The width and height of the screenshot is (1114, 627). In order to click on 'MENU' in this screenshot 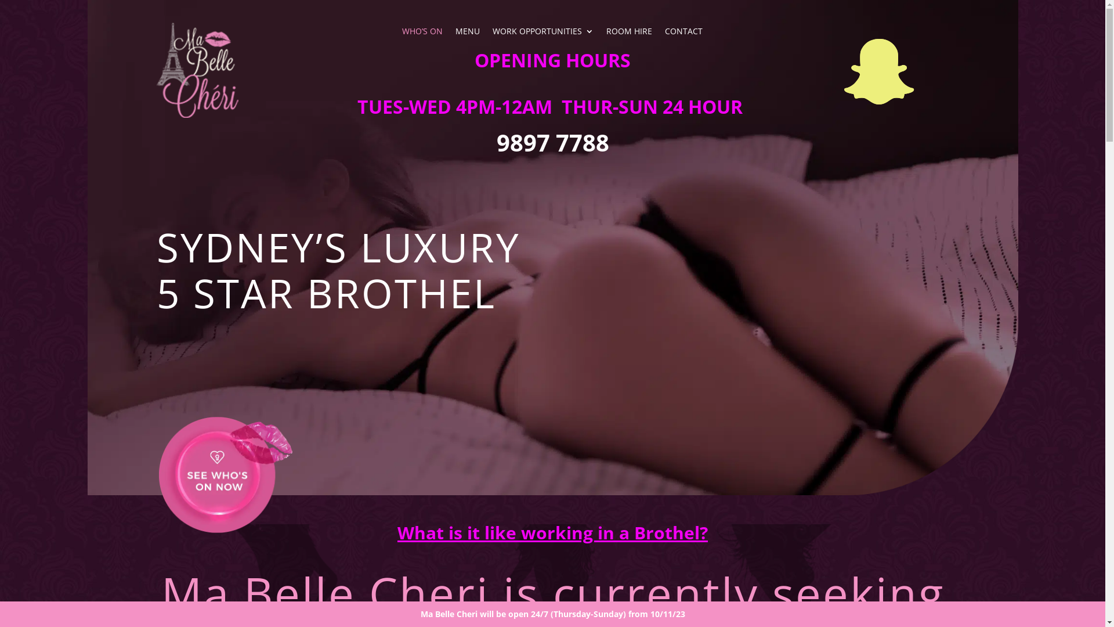, I will do `click(468, 33)`.